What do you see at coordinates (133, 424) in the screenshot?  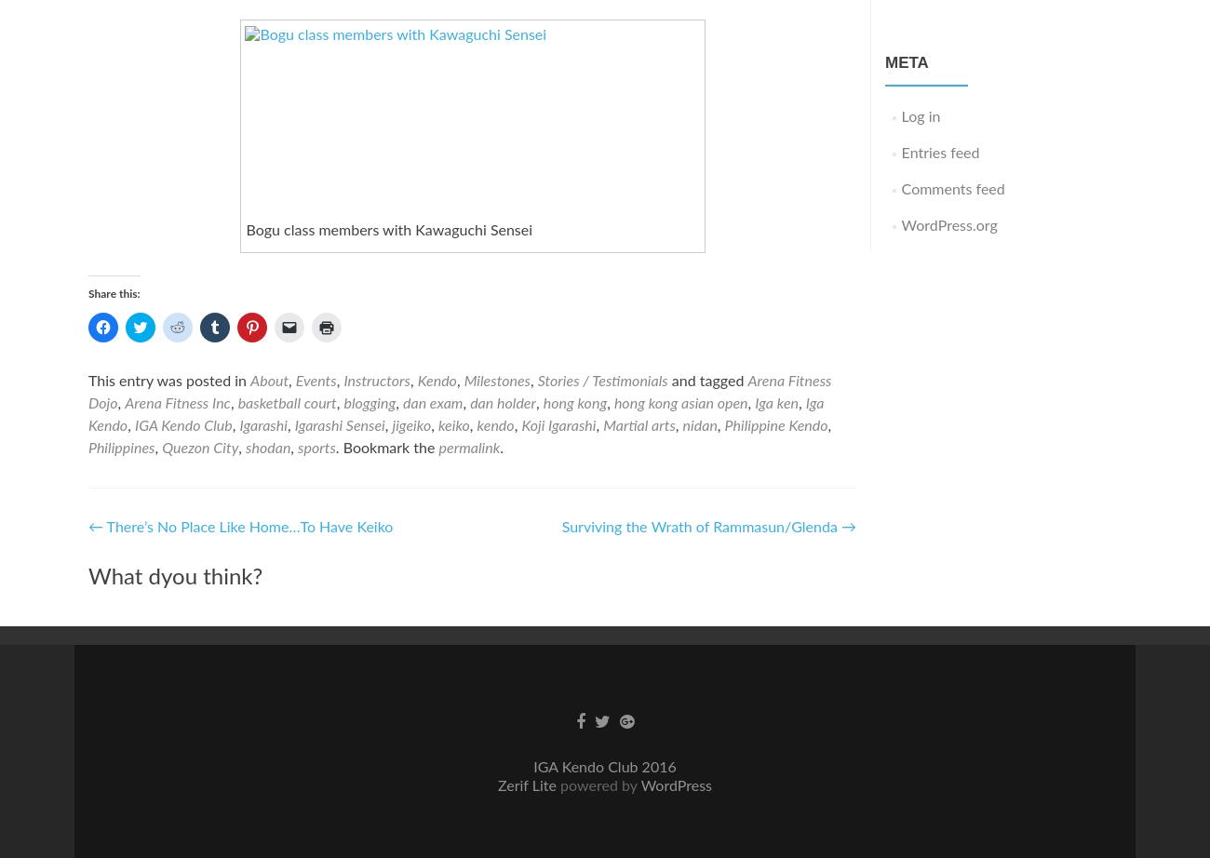 I see `'IGA Kendo Club'` at bounding box center [133, 424].